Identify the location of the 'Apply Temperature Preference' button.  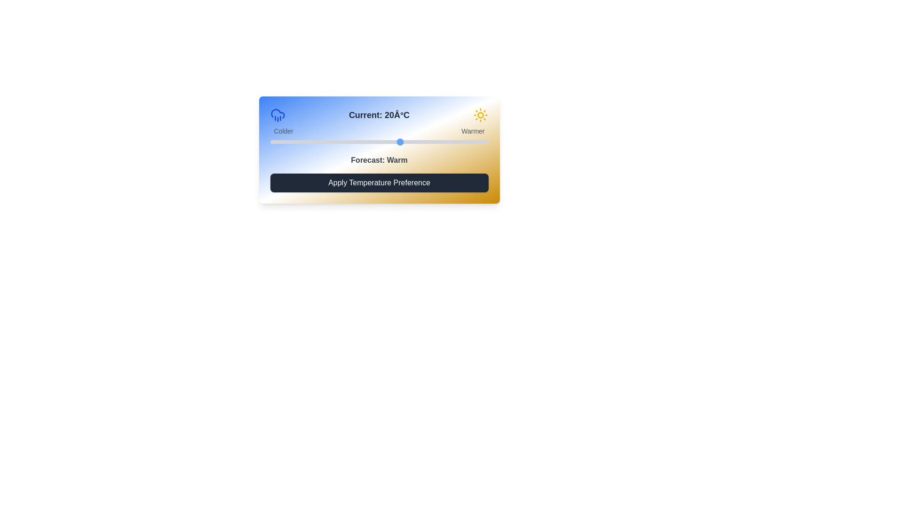
(379, 183).